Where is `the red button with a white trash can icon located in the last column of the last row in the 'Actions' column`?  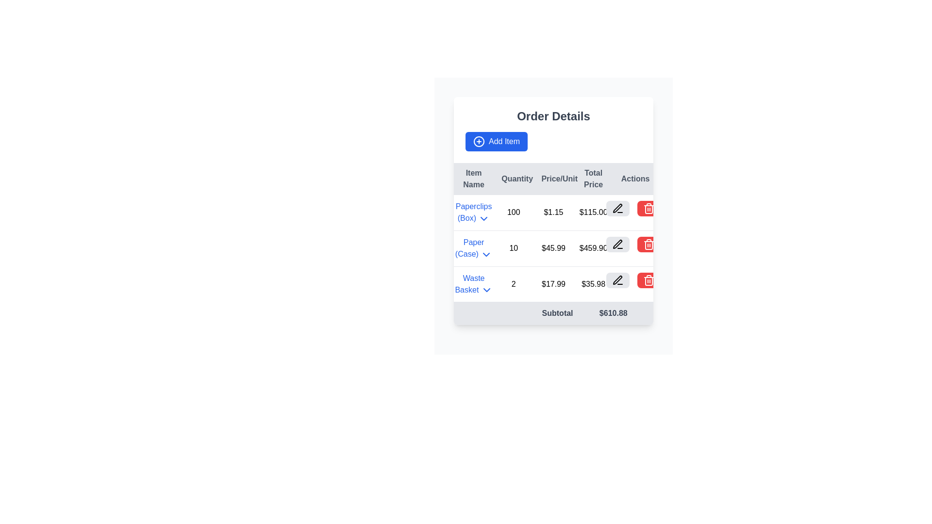 the red button with a white trash can icon located in the last column of the last row in the 'Actions' column is located at coordinates (649, 280).